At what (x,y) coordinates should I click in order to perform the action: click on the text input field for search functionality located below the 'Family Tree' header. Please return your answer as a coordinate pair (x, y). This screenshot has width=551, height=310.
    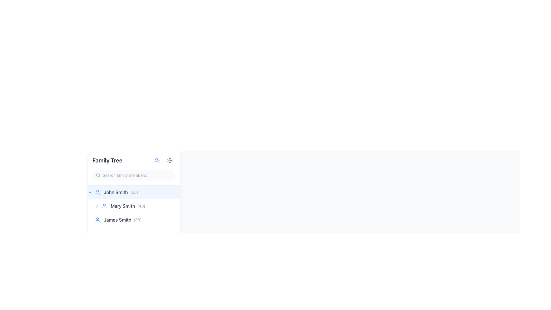
    Looking at the image, I should click on (133, 175).